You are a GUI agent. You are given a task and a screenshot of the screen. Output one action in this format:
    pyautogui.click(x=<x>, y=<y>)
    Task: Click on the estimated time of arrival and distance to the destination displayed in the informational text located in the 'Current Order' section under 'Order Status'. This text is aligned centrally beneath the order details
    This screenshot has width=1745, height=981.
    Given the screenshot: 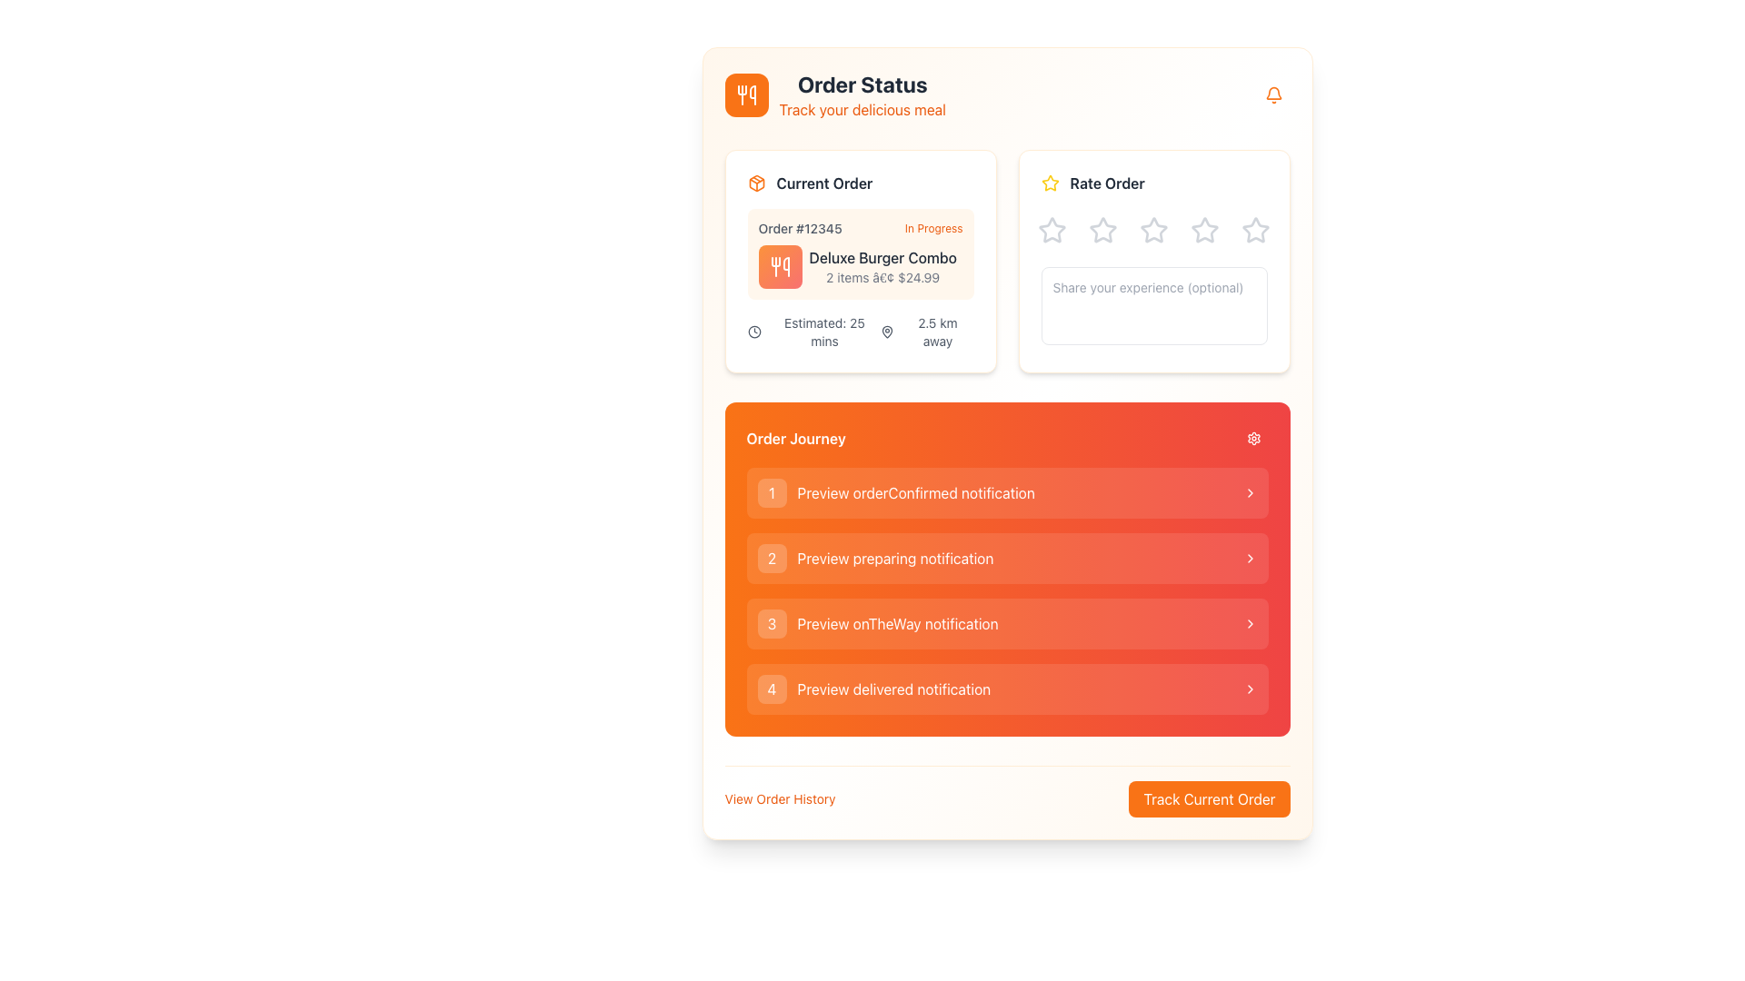 What is the action you would take?
    pyautogui.click(x=859, y=332)
    